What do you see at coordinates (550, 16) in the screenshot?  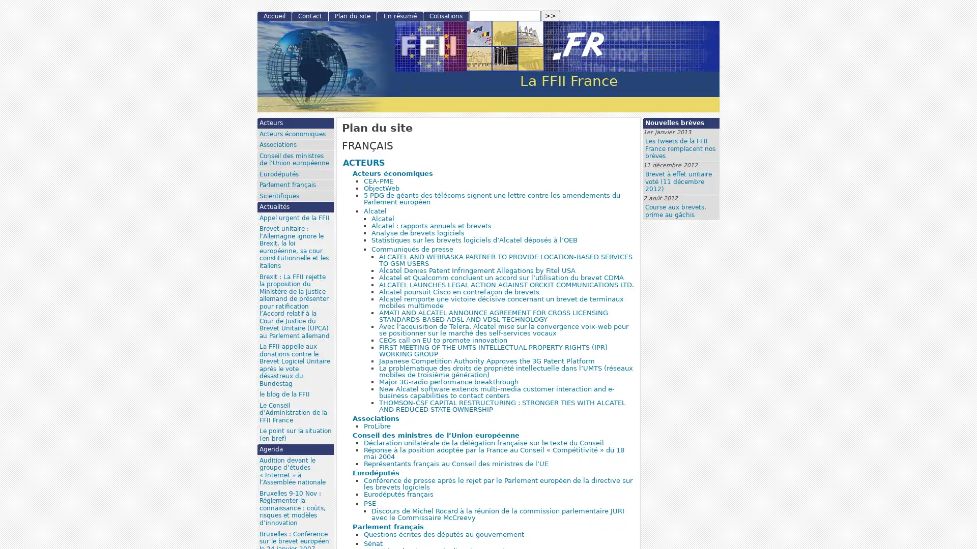 I see `>>` at bounding box center [550, 16].